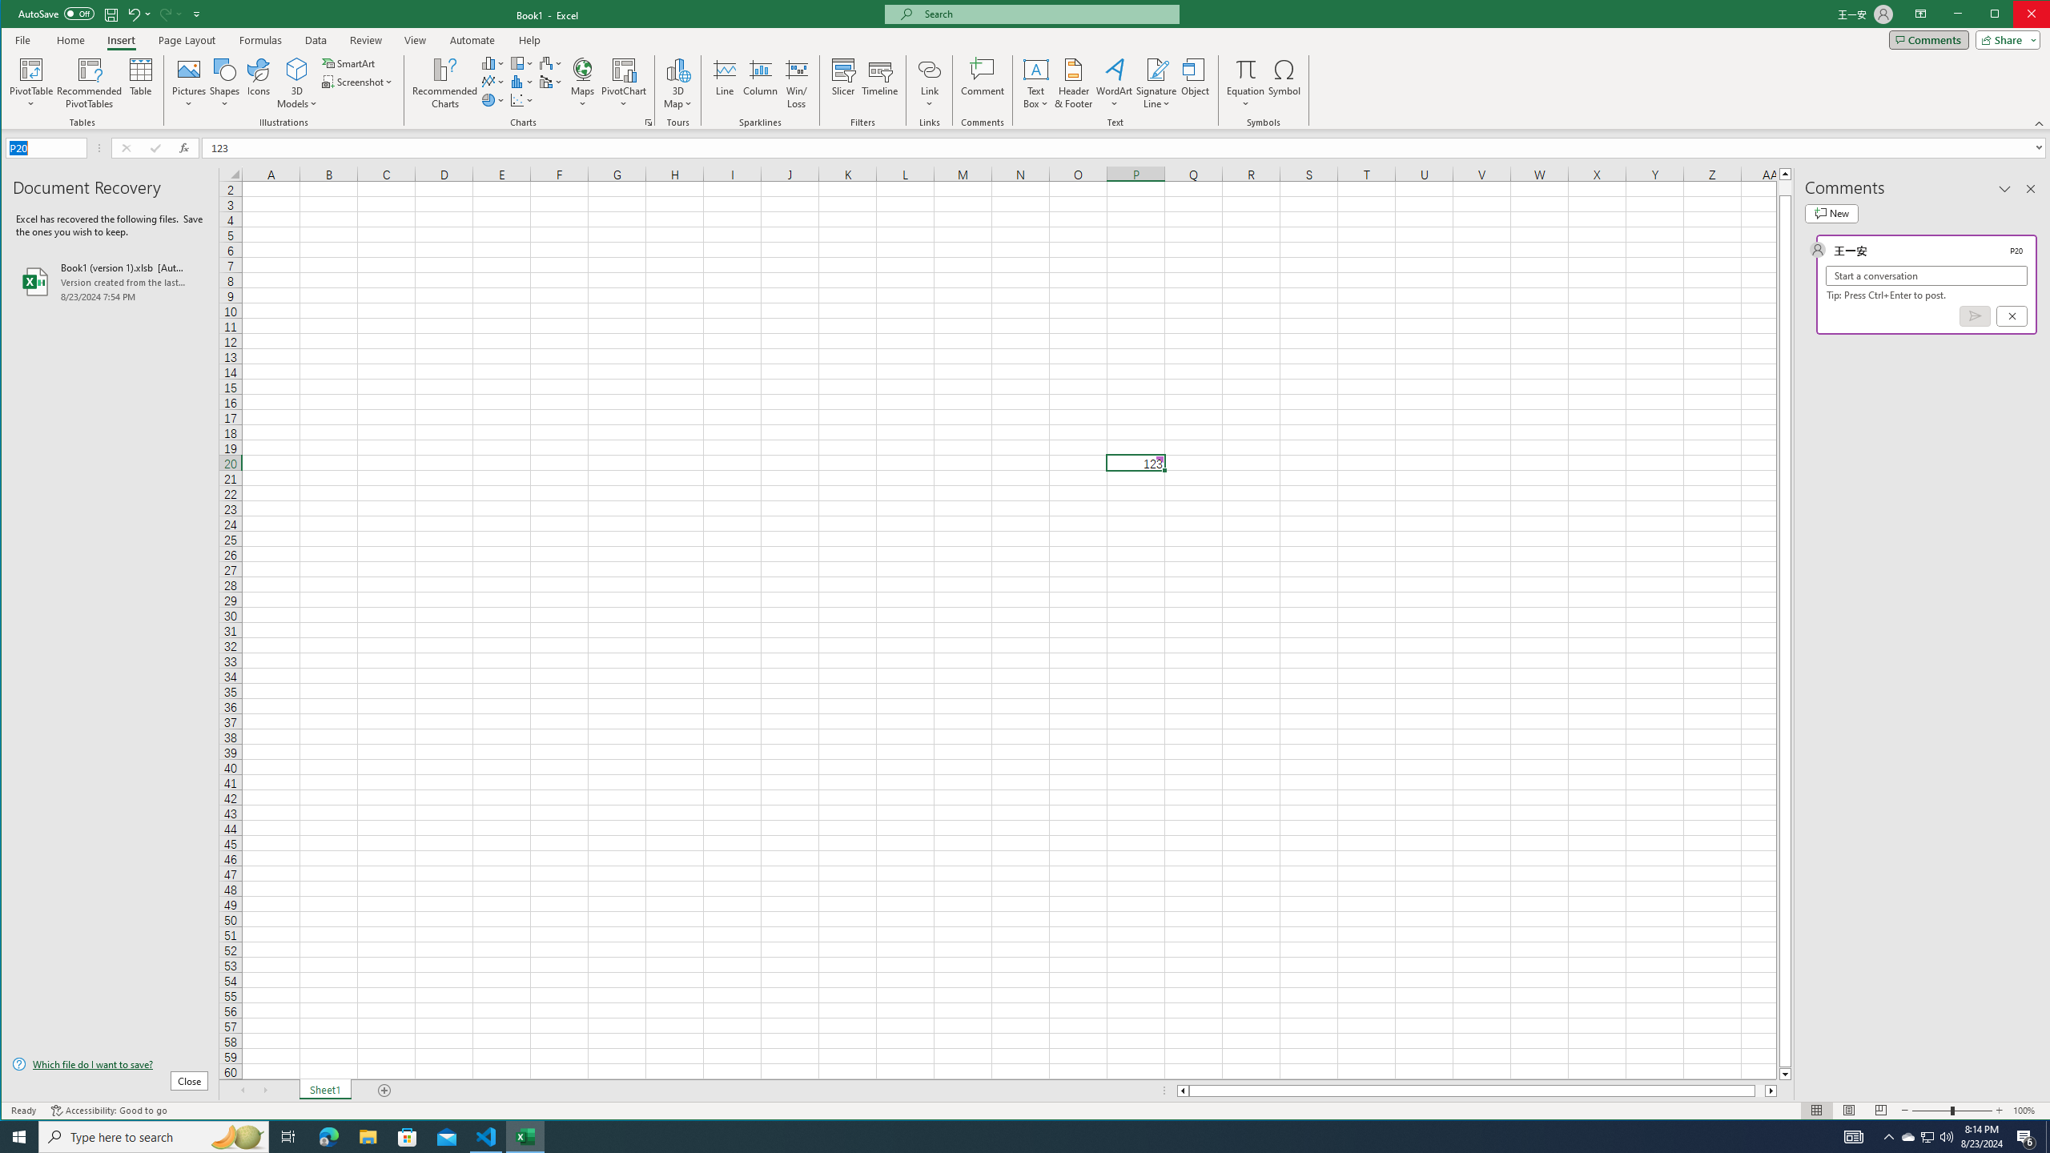 Image resolution: width=2050 pixels, height=1153 pixels. I want to click on 'PivotChart', so click(623, 68).